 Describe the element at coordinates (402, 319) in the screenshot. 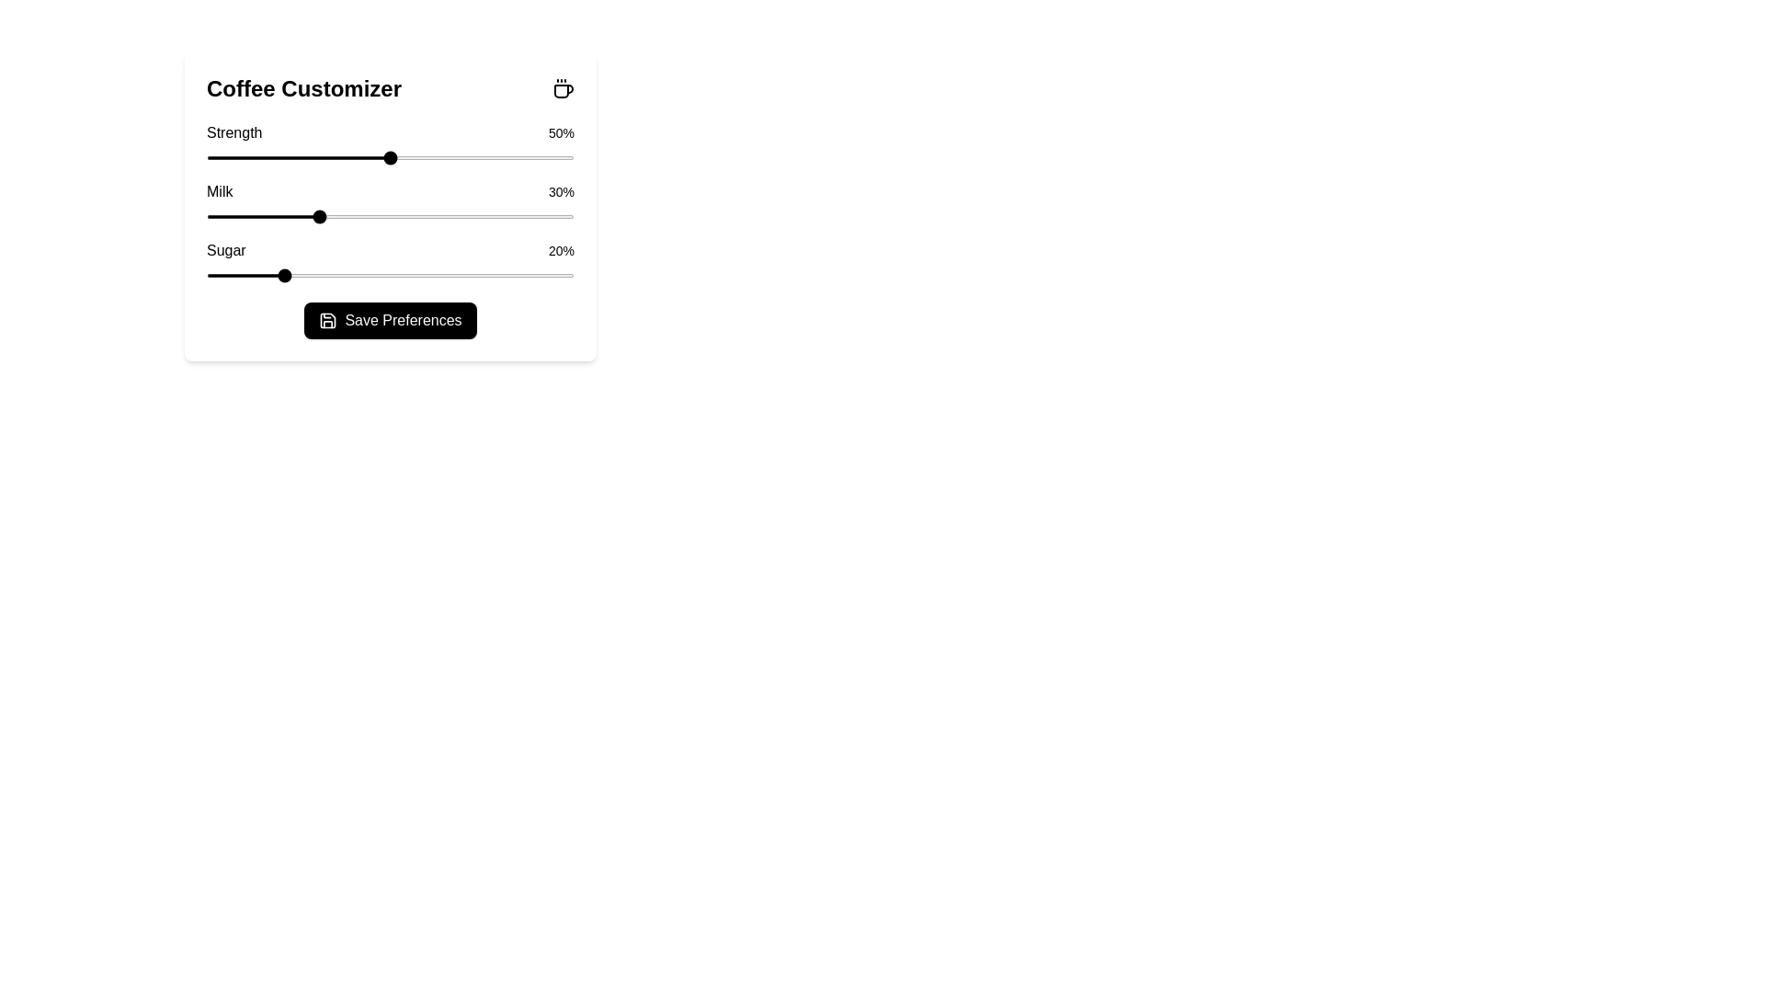

I see `the 'Save Preferences' button, which is a white text on a black rounded rectangular background located at the bottom of the 'Coffee Customizer' section` at that location.